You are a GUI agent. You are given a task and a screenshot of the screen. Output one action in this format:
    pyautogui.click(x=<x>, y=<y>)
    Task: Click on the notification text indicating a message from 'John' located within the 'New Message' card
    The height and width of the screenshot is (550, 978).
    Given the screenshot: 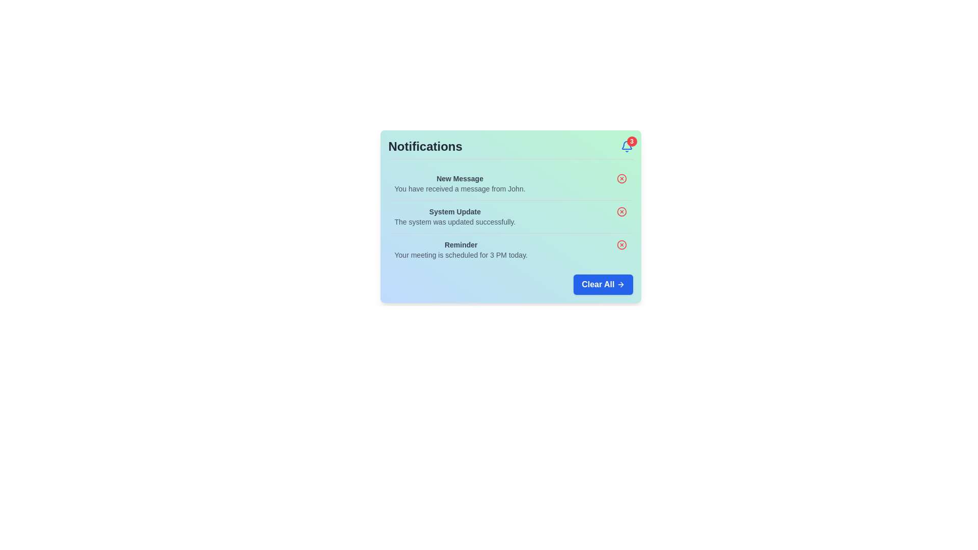 What is the action you would take?
    pyautogui.click(x=459, y=188)
    